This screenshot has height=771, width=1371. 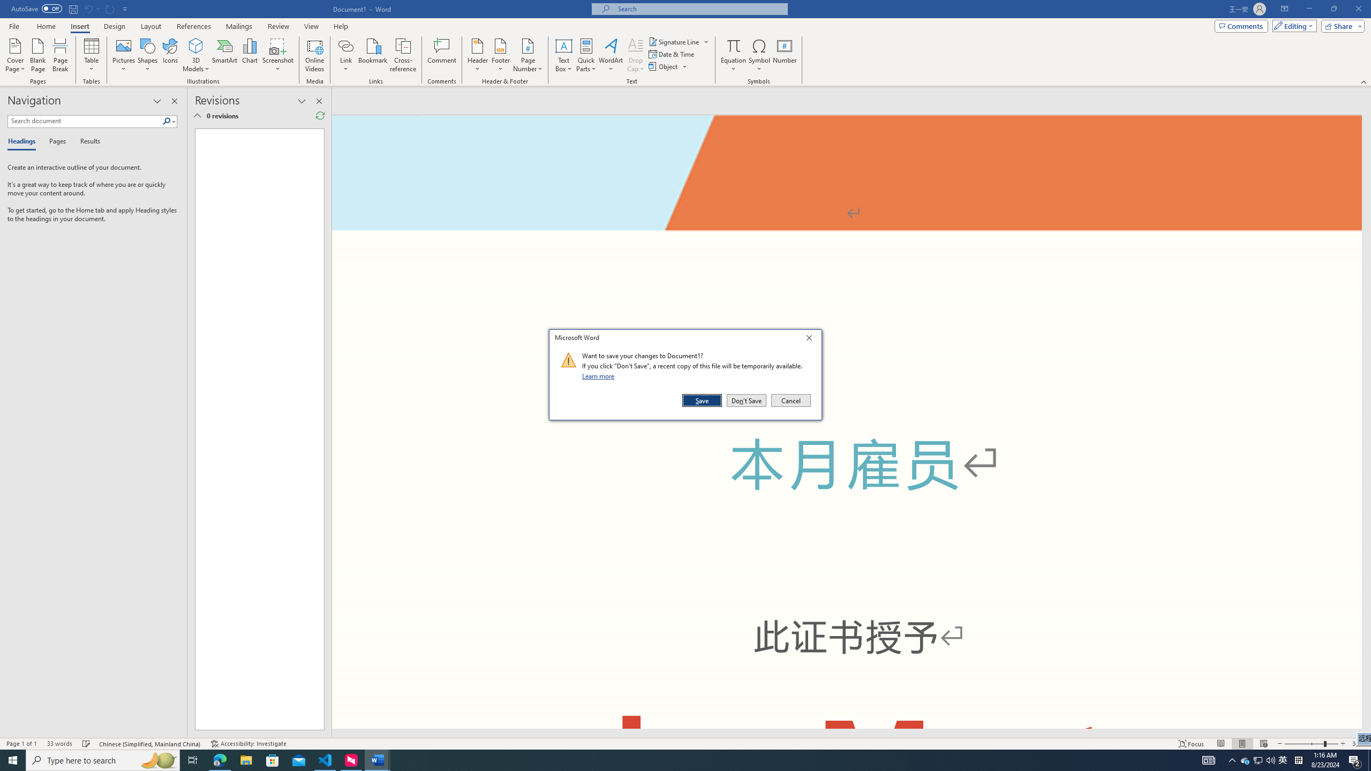 I want to click on 'Blank Page', so click(x=37, y=55).